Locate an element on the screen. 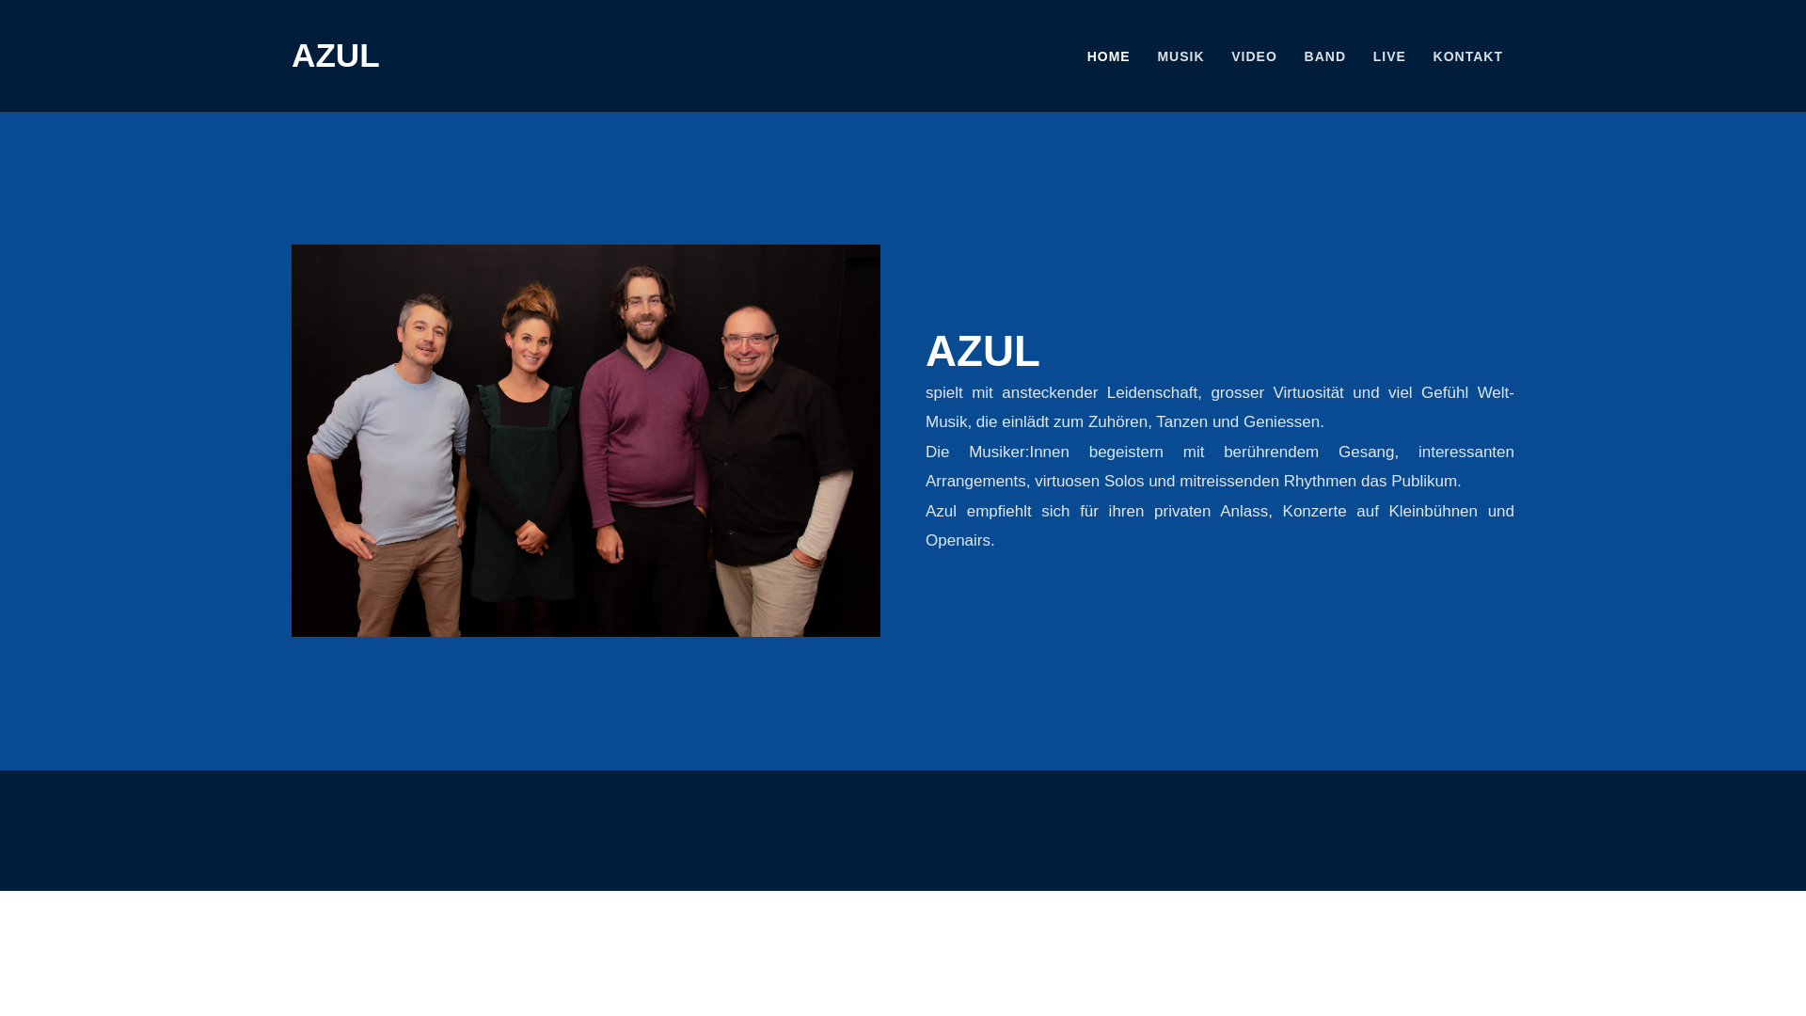 Image resolution: width=1806 pixels, height=1016 pixels. 'BAND' is located at coordinates (1324, 56).